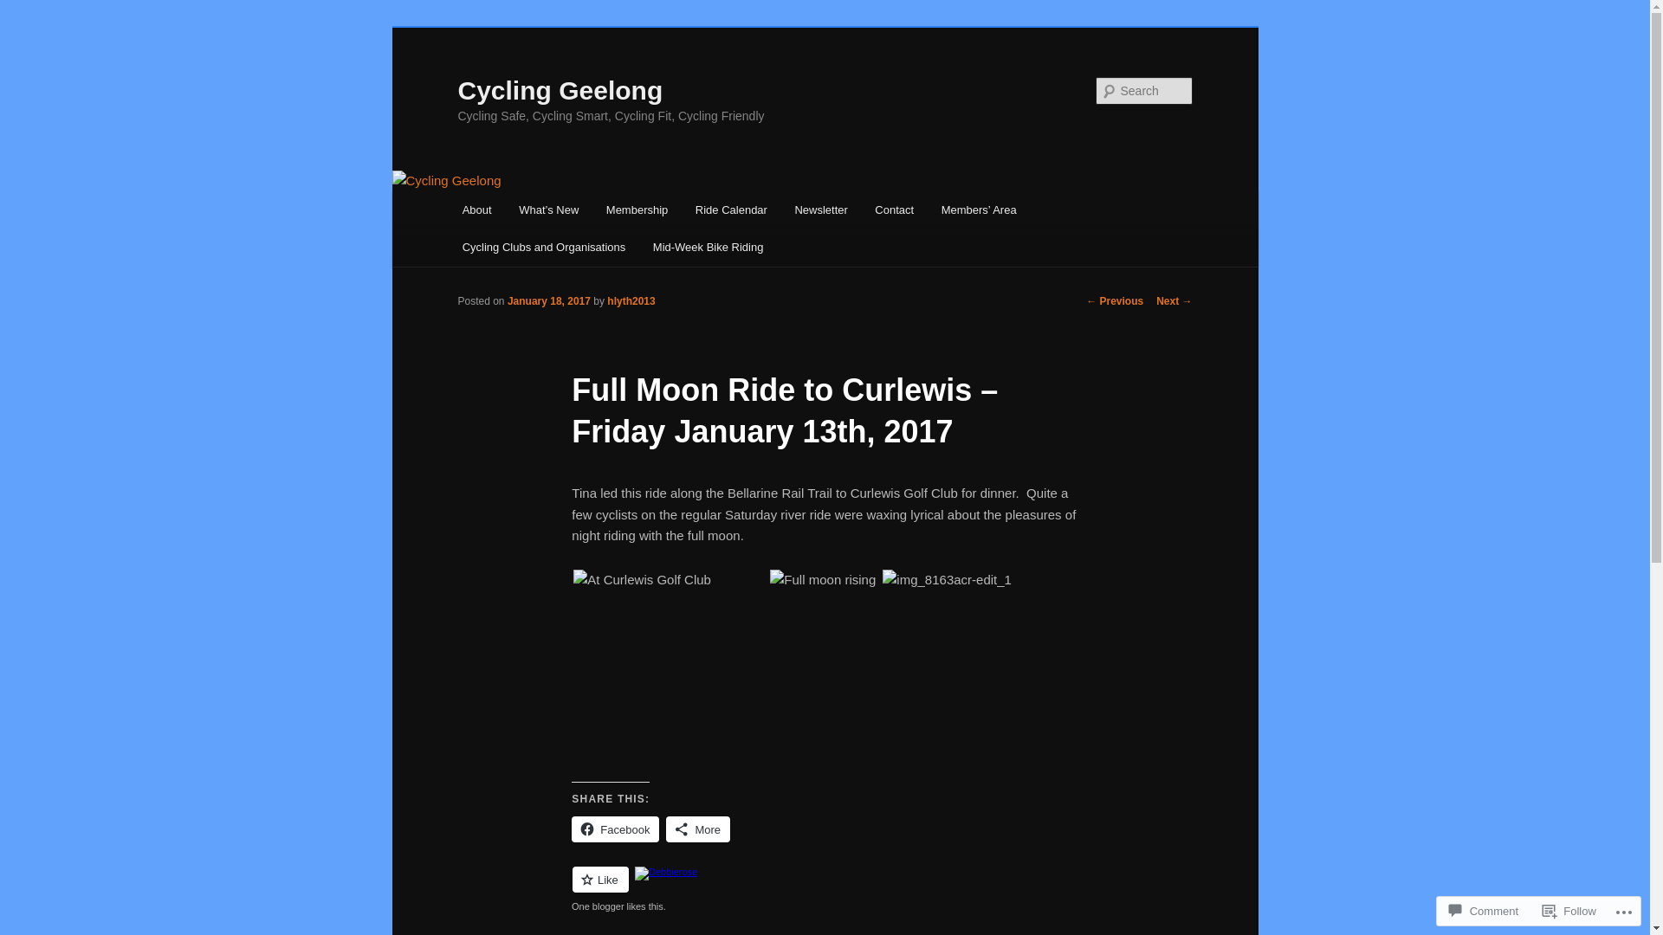  Describe the element at coordinates (572, 828) in the screenshot. I see `'Facebook'` at that location.